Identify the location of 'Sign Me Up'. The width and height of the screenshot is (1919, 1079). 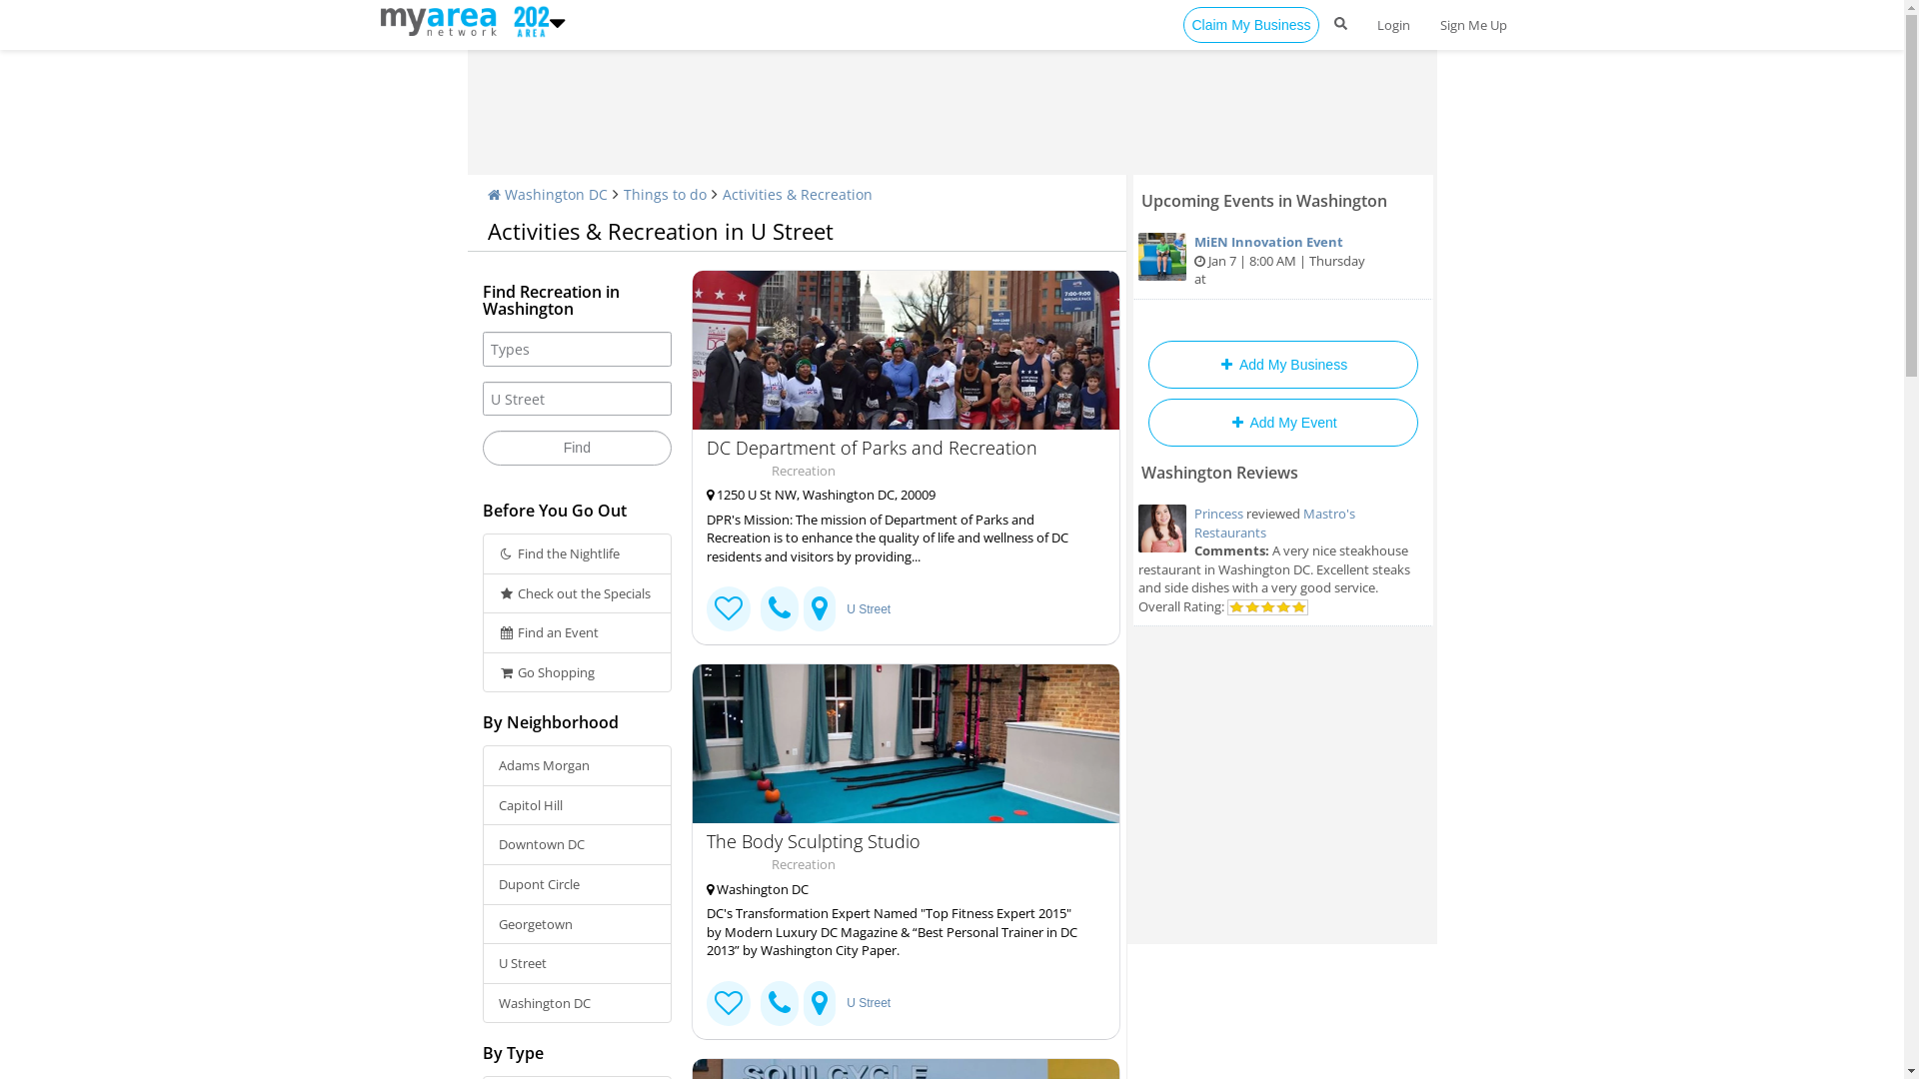
(1473, 24).